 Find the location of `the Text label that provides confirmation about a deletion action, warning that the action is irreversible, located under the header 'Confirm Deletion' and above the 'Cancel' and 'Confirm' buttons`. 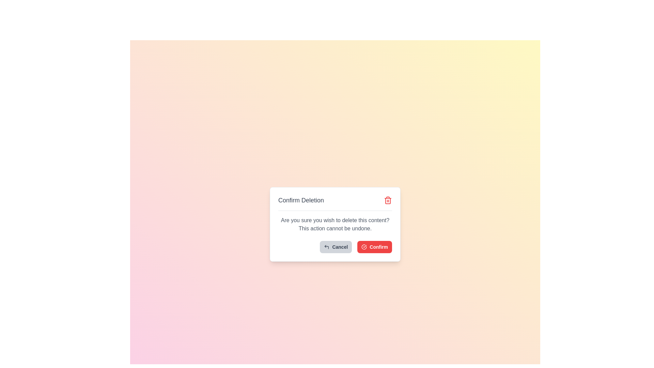

the Text label that provides confirmation about a deletion action, warning that the action is irreversible, located under the header 'Confirm Deletion' and above the 'Cancel' and 'Confirm' buttons is located at coordinates (335, 224).